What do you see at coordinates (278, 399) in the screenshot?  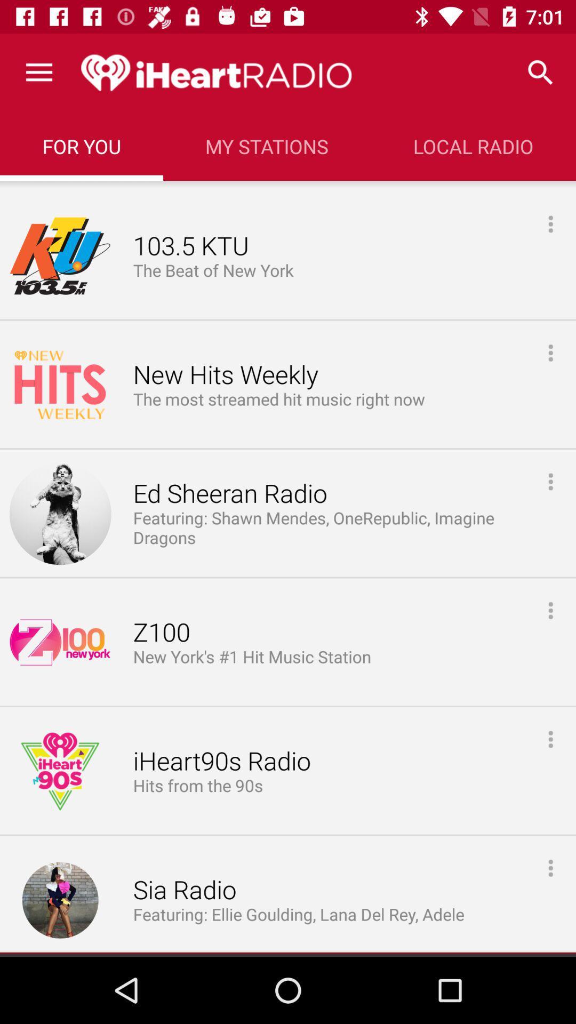 I see `the the most streamed icon` at bounding box center [278, 399].